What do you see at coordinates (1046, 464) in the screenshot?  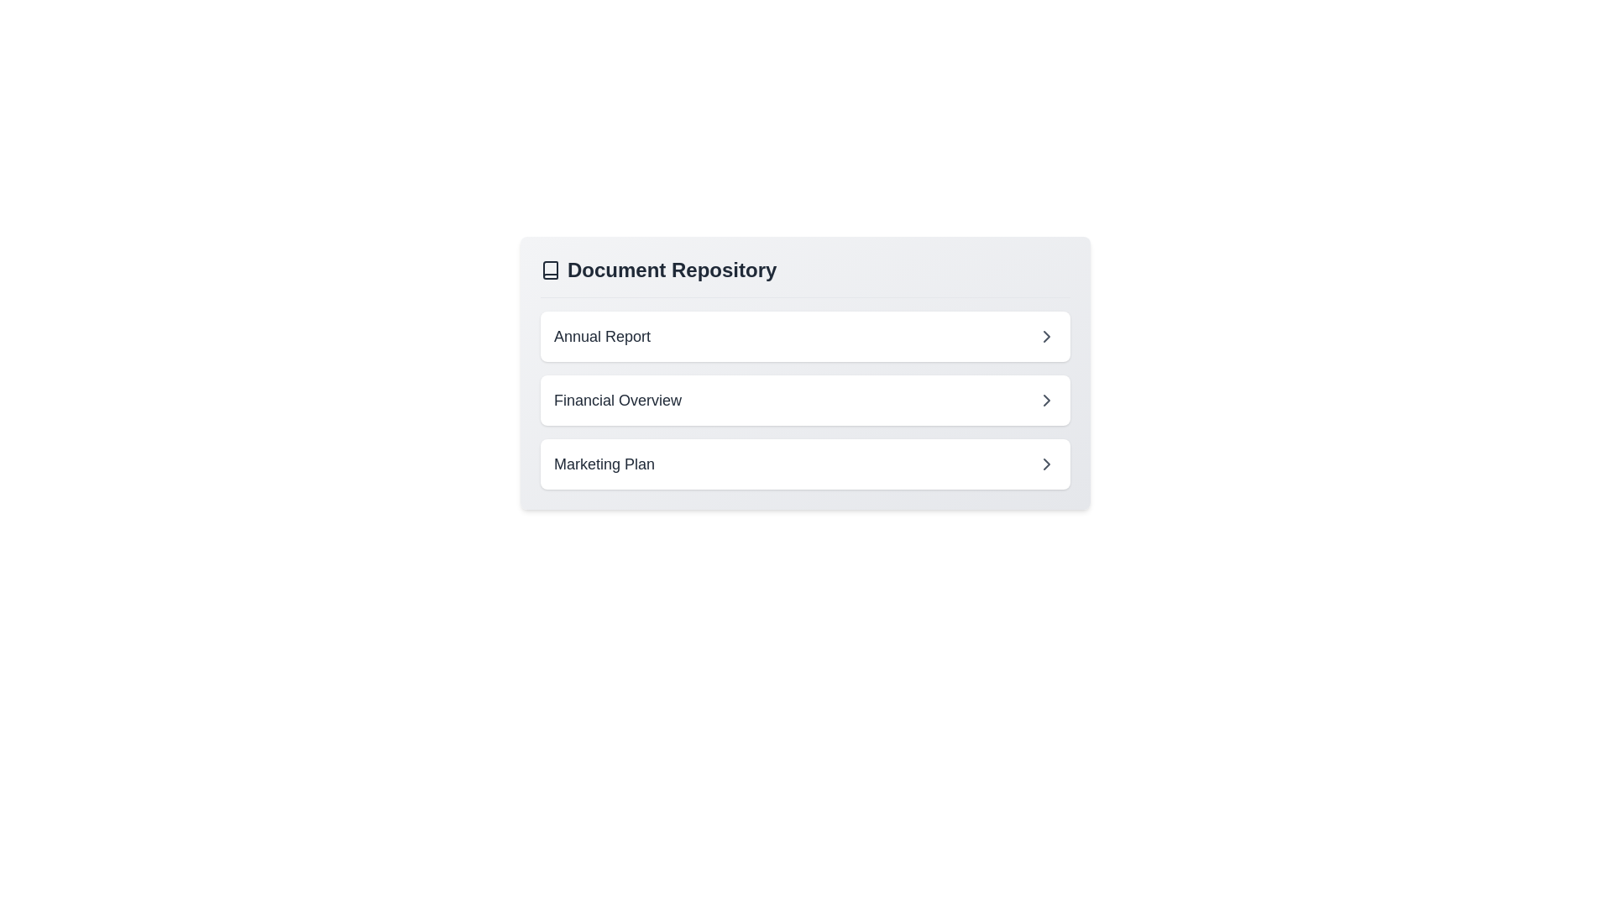 I see `the Chevron navigation indicator located to the far right of the 'Marketing Plan' list item in the 'Document Repository' section, which signifies that the entry is selectable` at bounding box center [1046, 464].